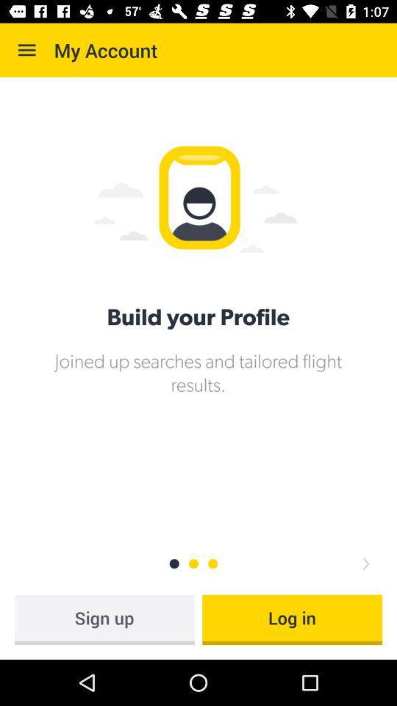  Describe the element at coordinates (365, 563) in the screenshot. I see `the arrow_forward icon` at that location.